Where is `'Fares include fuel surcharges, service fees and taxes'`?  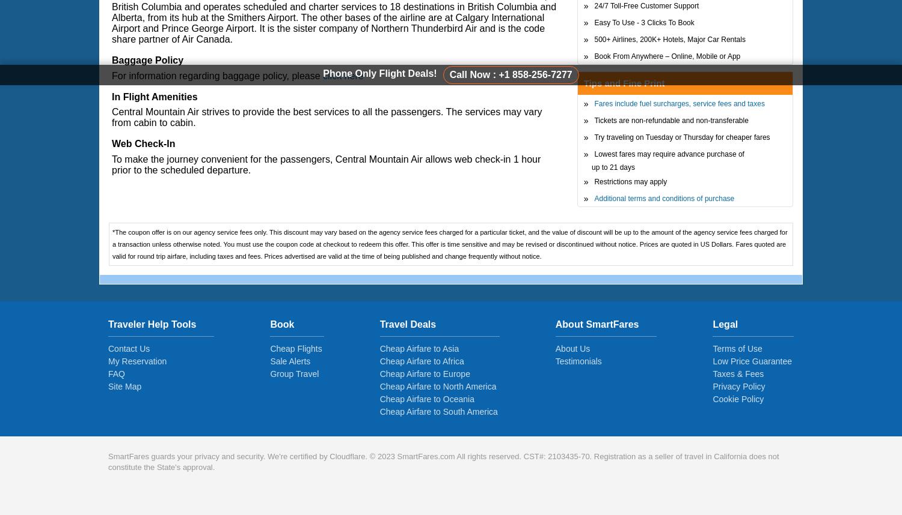 'Fares include fuel surcharges, service fees and taxes' is located at coordinates (679, 103).